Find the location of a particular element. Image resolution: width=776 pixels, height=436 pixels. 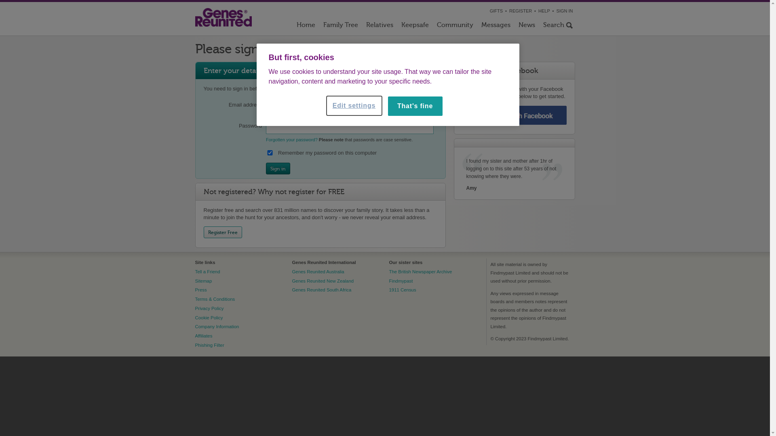

'Findmypast' is located at coordinates (401, 280).